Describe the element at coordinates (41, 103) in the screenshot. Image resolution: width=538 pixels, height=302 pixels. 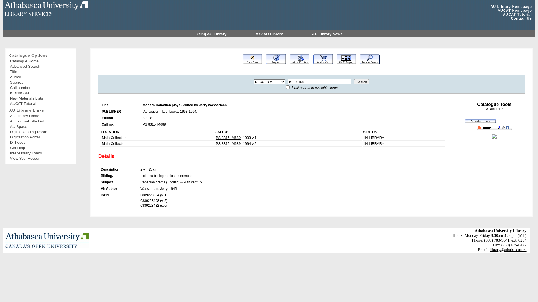
I see `'AUCAT Tutorial'` at that location.